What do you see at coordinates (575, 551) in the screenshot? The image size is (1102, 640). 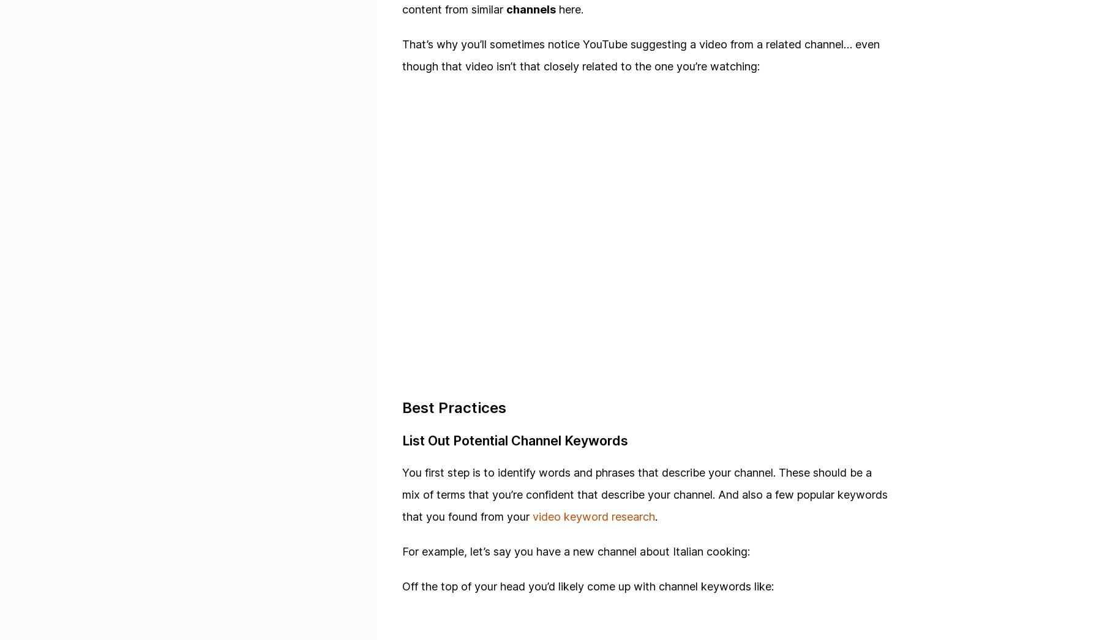 I see `'For example, let’s say you have a new channel about Italian cooking:'` at bounding box center [575, 551].